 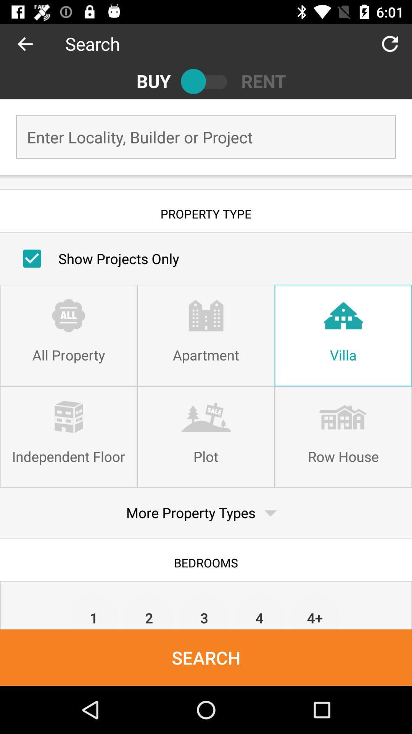 What do you see at coordinates (149, 611) in the screenshot?
I see `item next to 1 item` at bounding box center [149, 611].